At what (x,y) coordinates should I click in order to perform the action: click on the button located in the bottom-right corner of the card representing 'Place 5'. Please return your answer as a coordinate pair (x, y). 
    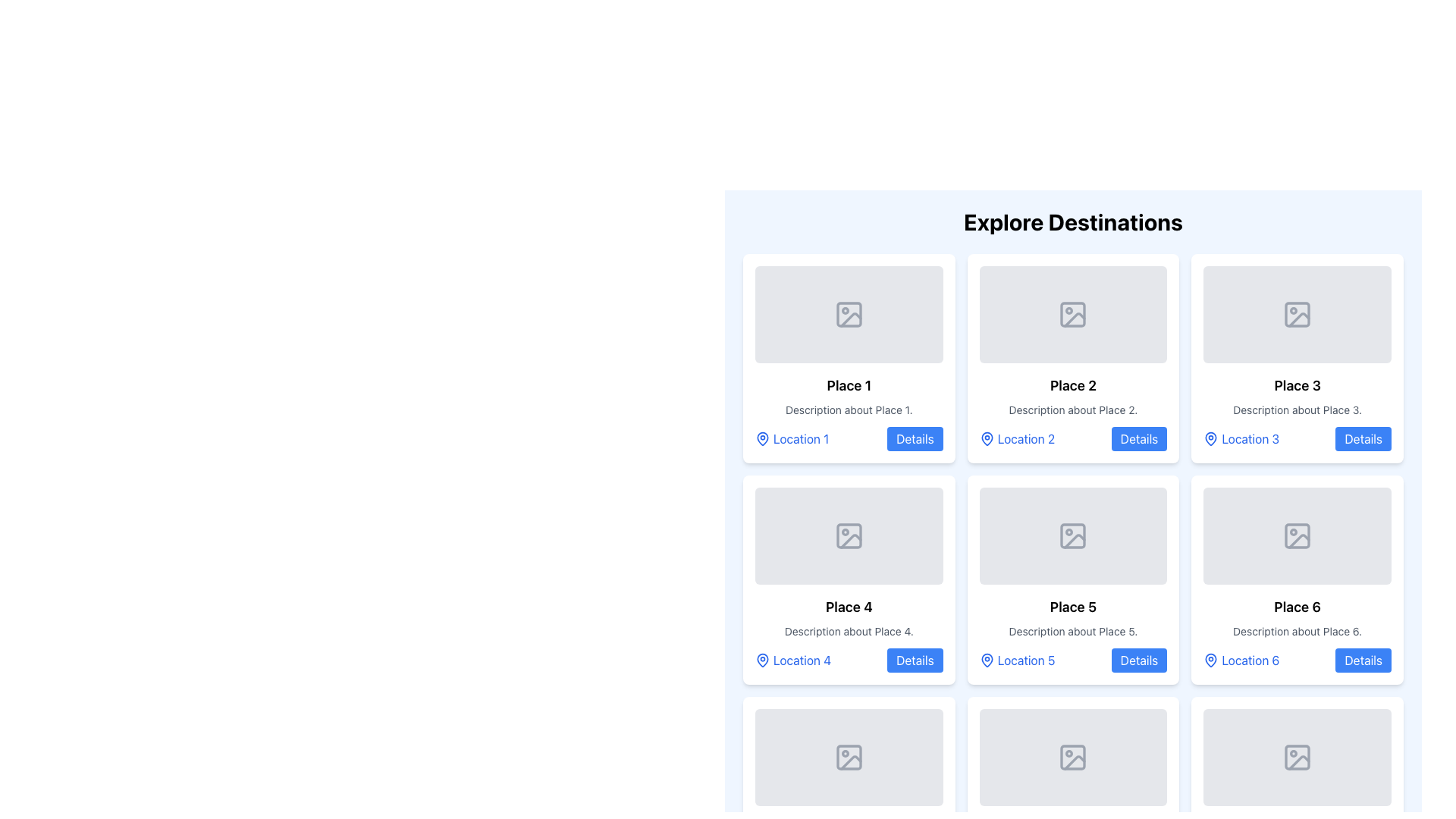
    Looking at the image, I should click on (1139, 660).